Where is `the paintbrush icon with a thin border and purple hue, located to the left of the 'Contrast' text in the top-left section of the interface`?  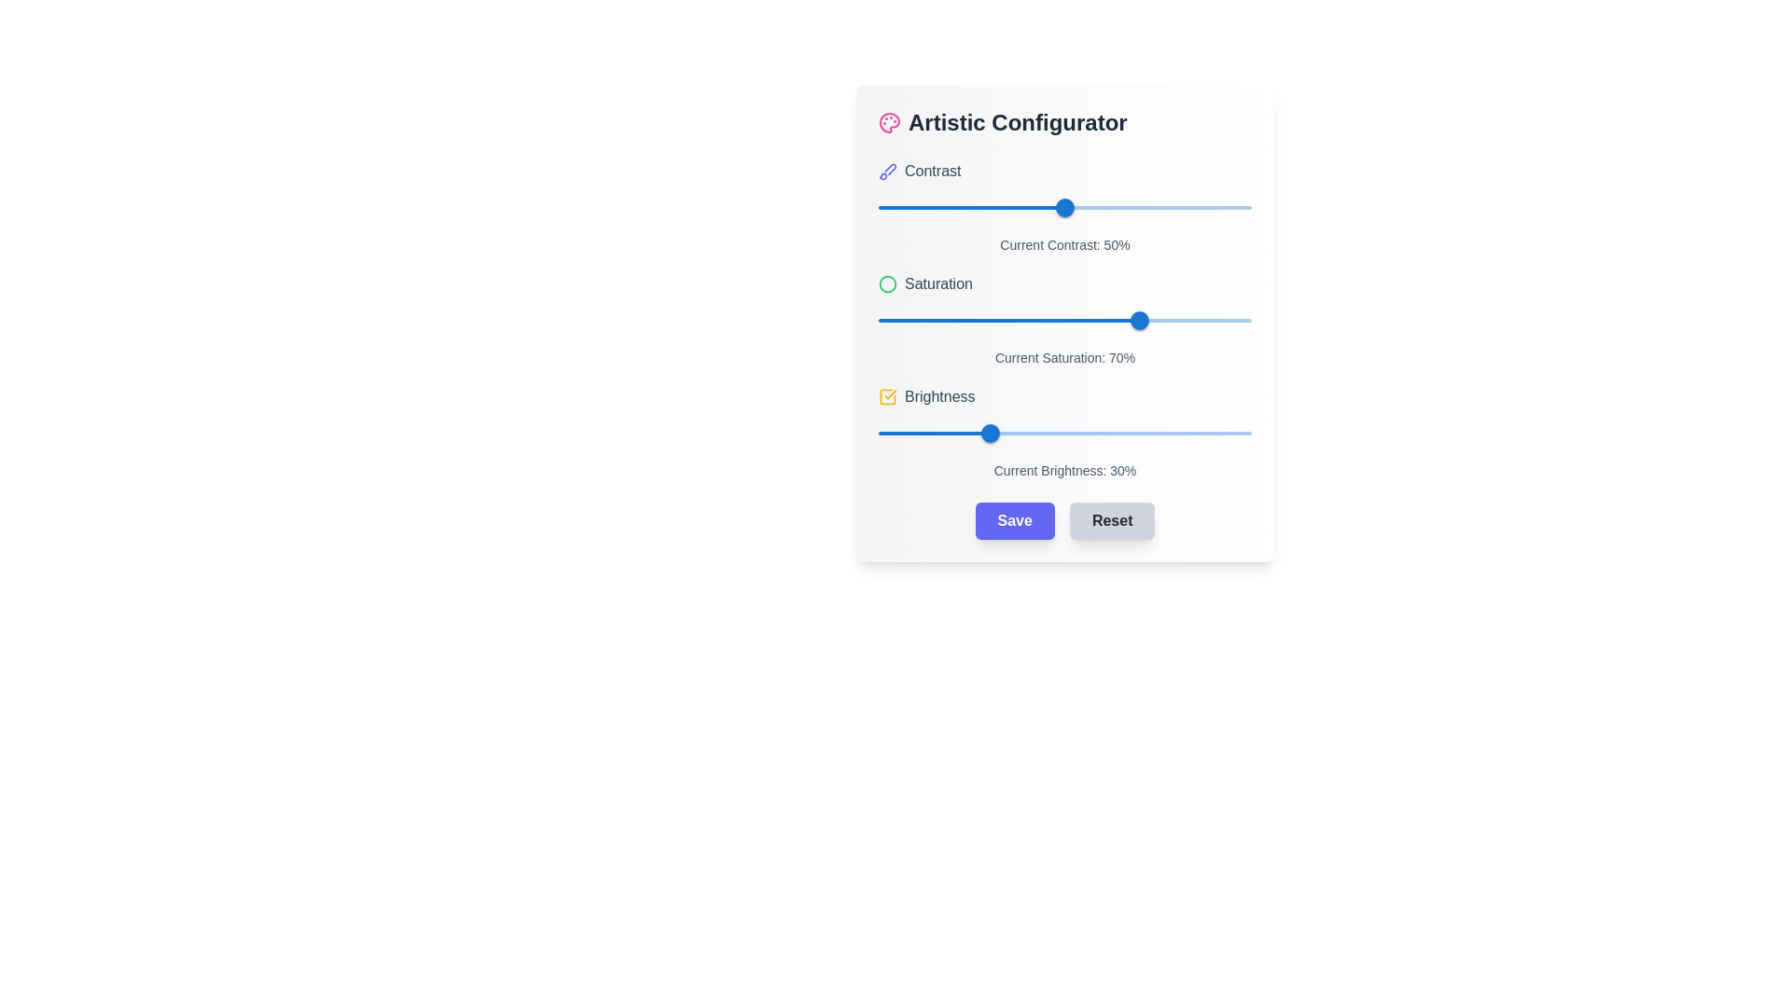
the paintbrush icon with a thin border and purple hue, located to the left of the 'Contrast' text in the top-left section of the interface is located at coordinates (886, 172).